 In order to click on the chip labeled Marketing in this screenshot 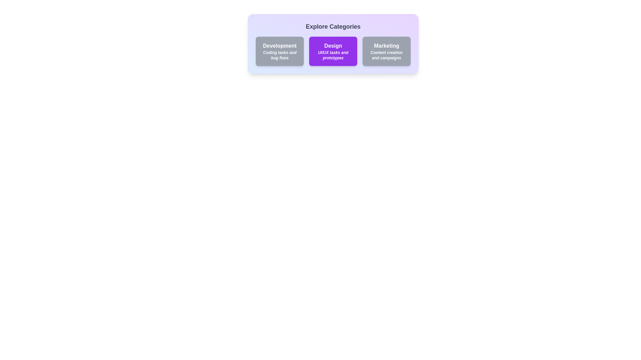, I will do `click(386, 51)`.